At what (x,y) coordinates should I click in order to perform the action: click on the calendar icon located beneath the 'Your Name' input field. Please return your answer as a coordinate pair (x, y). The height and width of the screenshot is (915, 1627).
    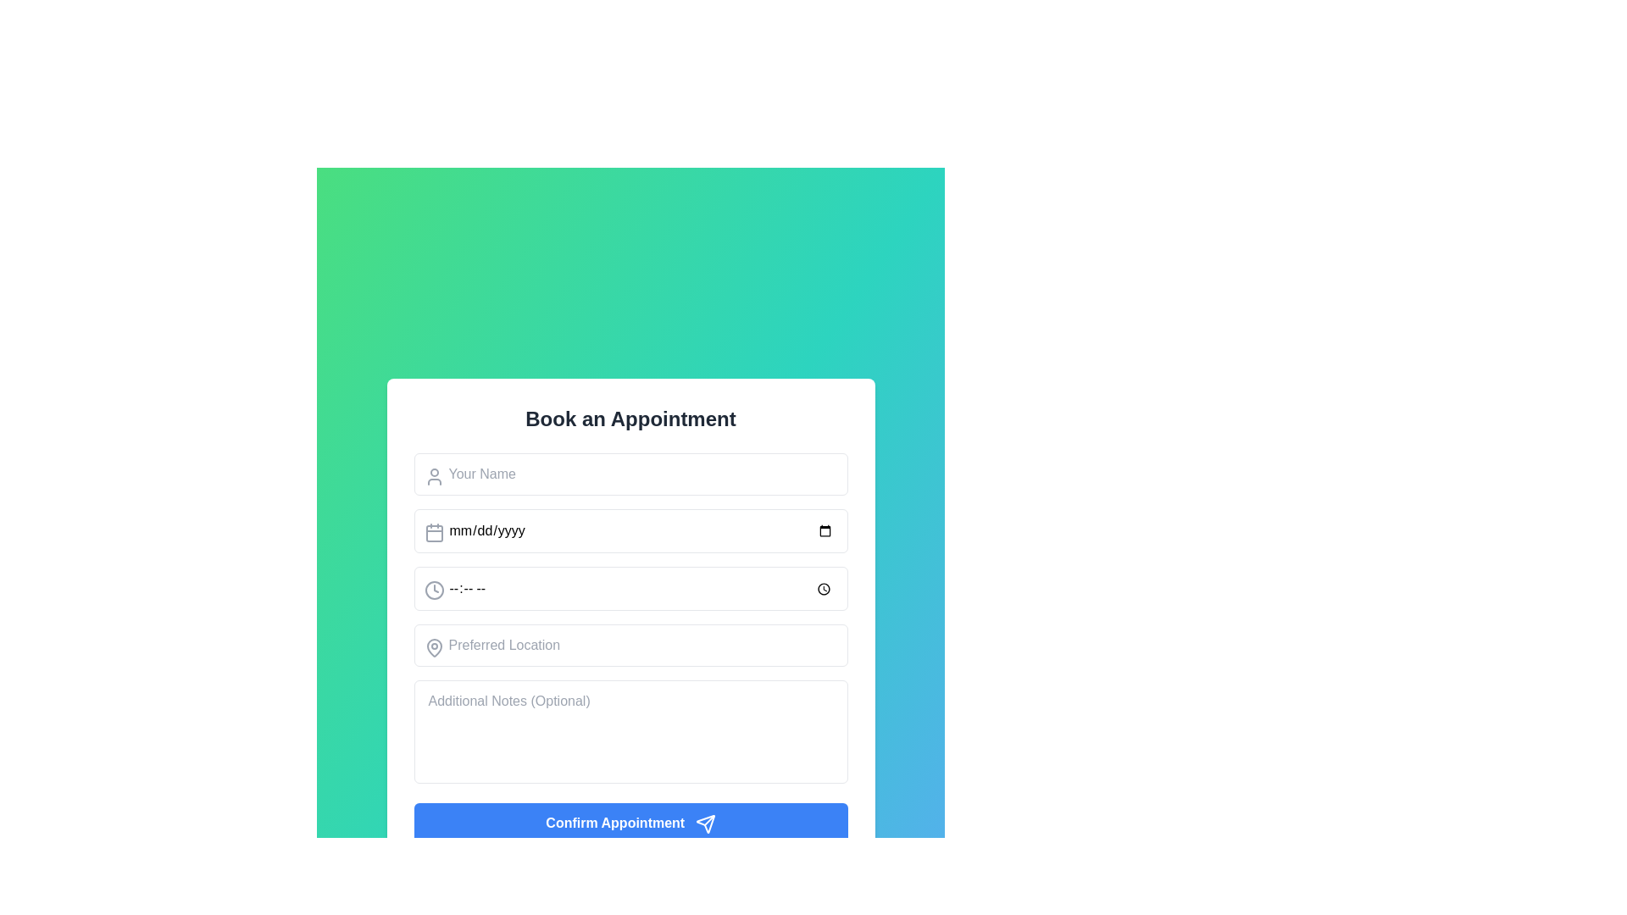
    Looking at the image, I should click on (434, 532).